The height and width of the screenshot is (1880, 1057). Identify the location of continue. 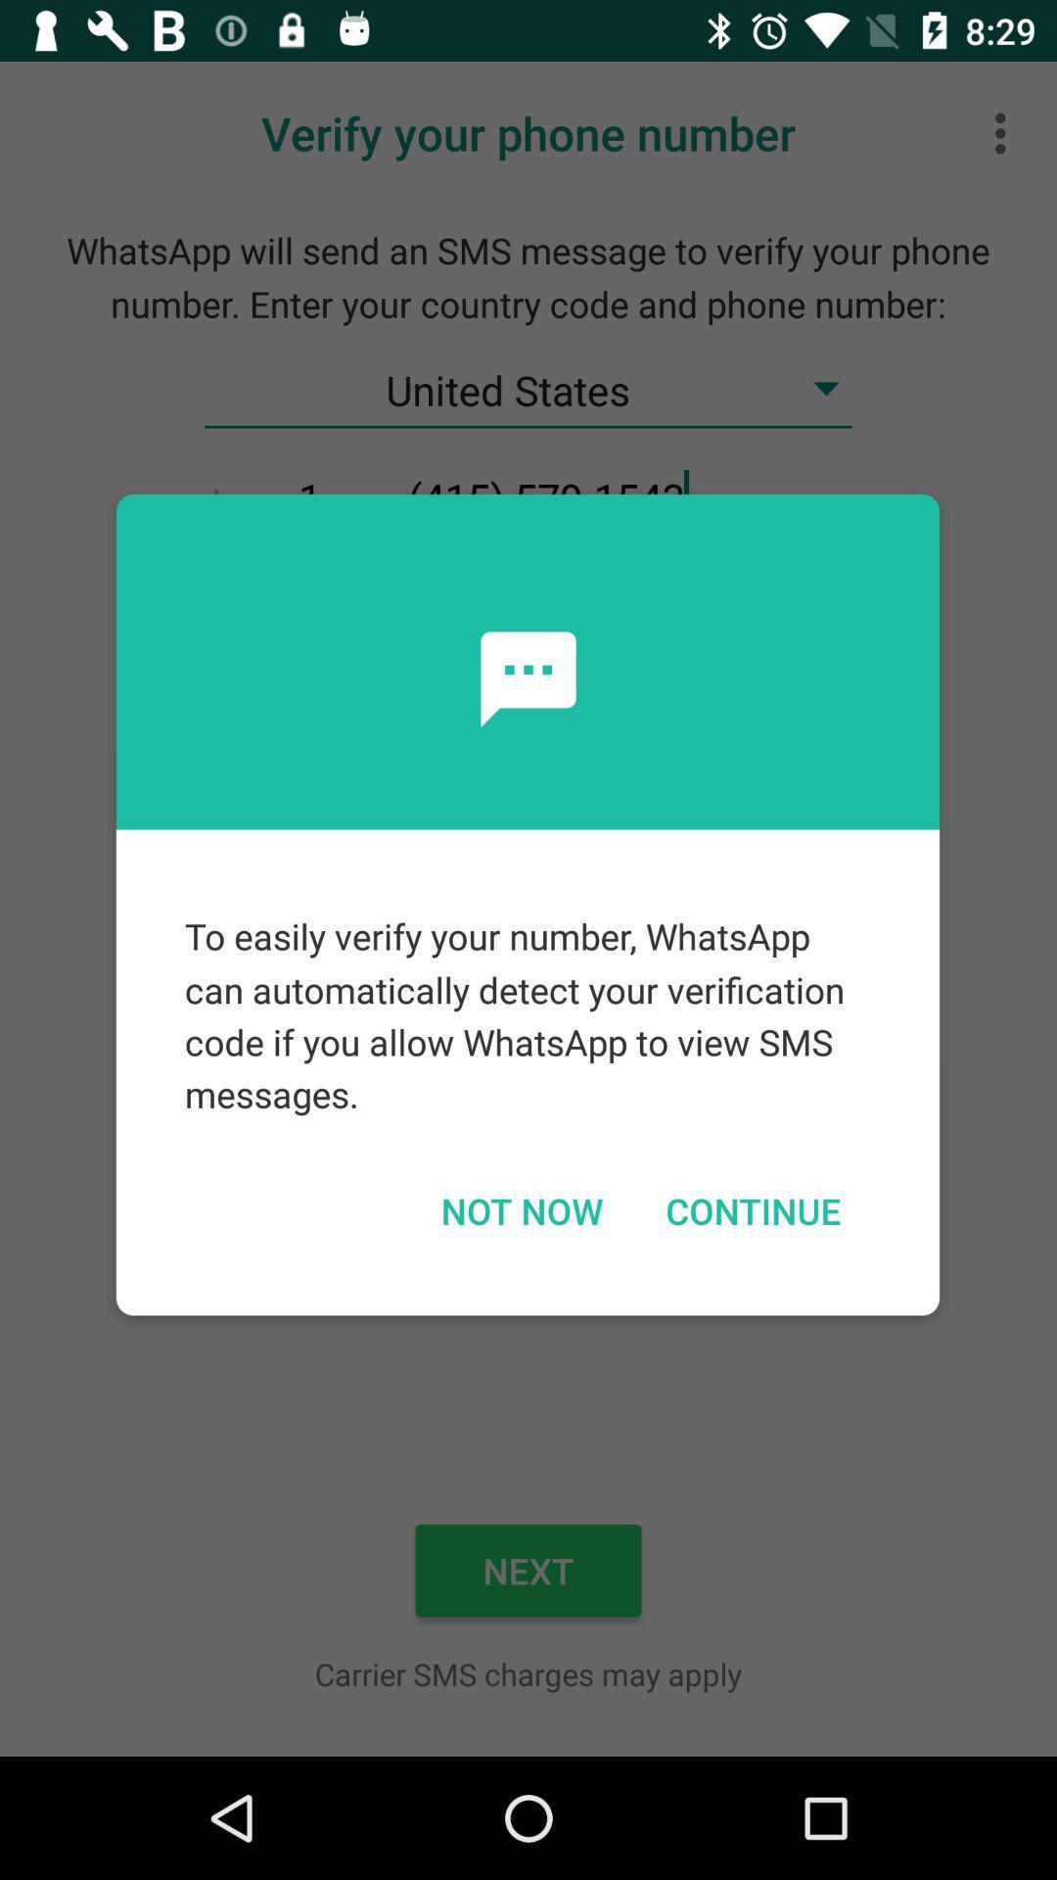
(752, 1209).